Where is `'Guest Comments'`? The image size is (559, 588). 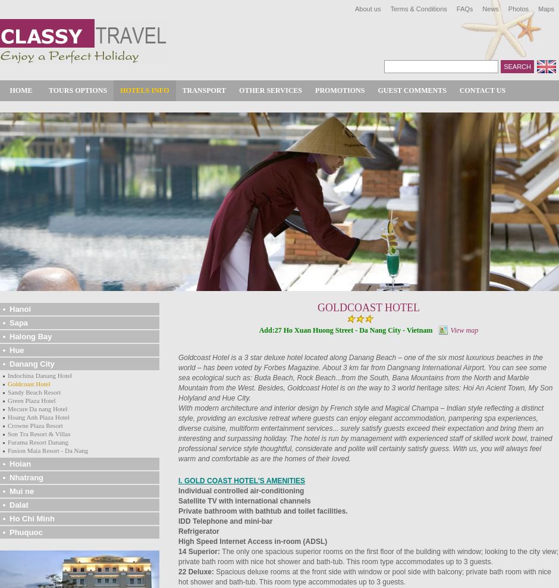 'Guest Comments' is located at coordinates (377, 89).